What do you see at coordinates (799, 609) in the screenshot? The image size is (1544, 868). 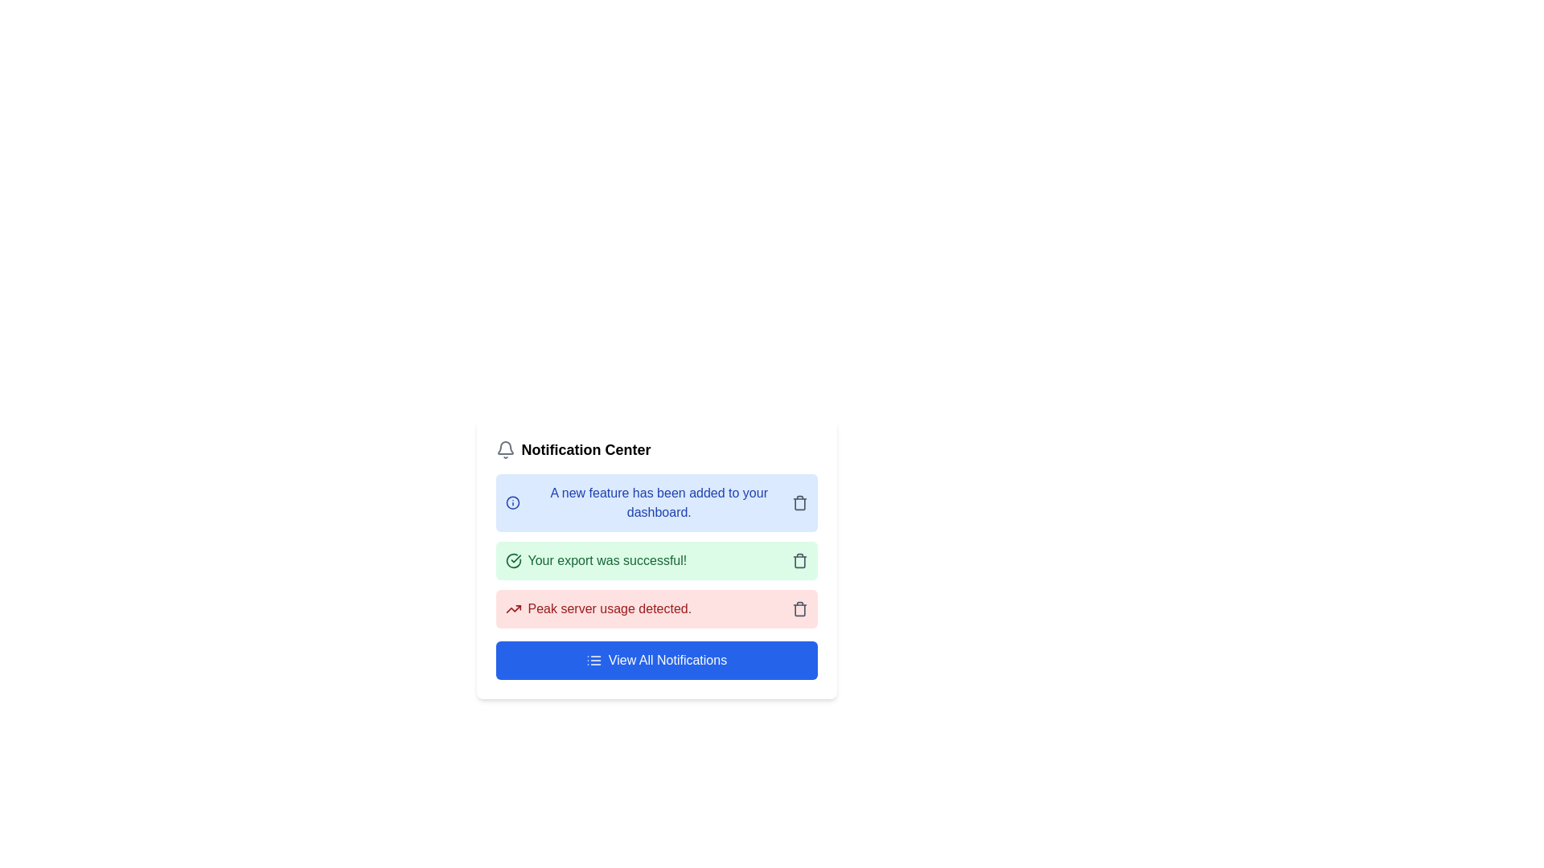 I see `the trash can icon button at the end of the notification bar labeled 'Peak server usage detected.' to see options` at bounding box center [799, 609].